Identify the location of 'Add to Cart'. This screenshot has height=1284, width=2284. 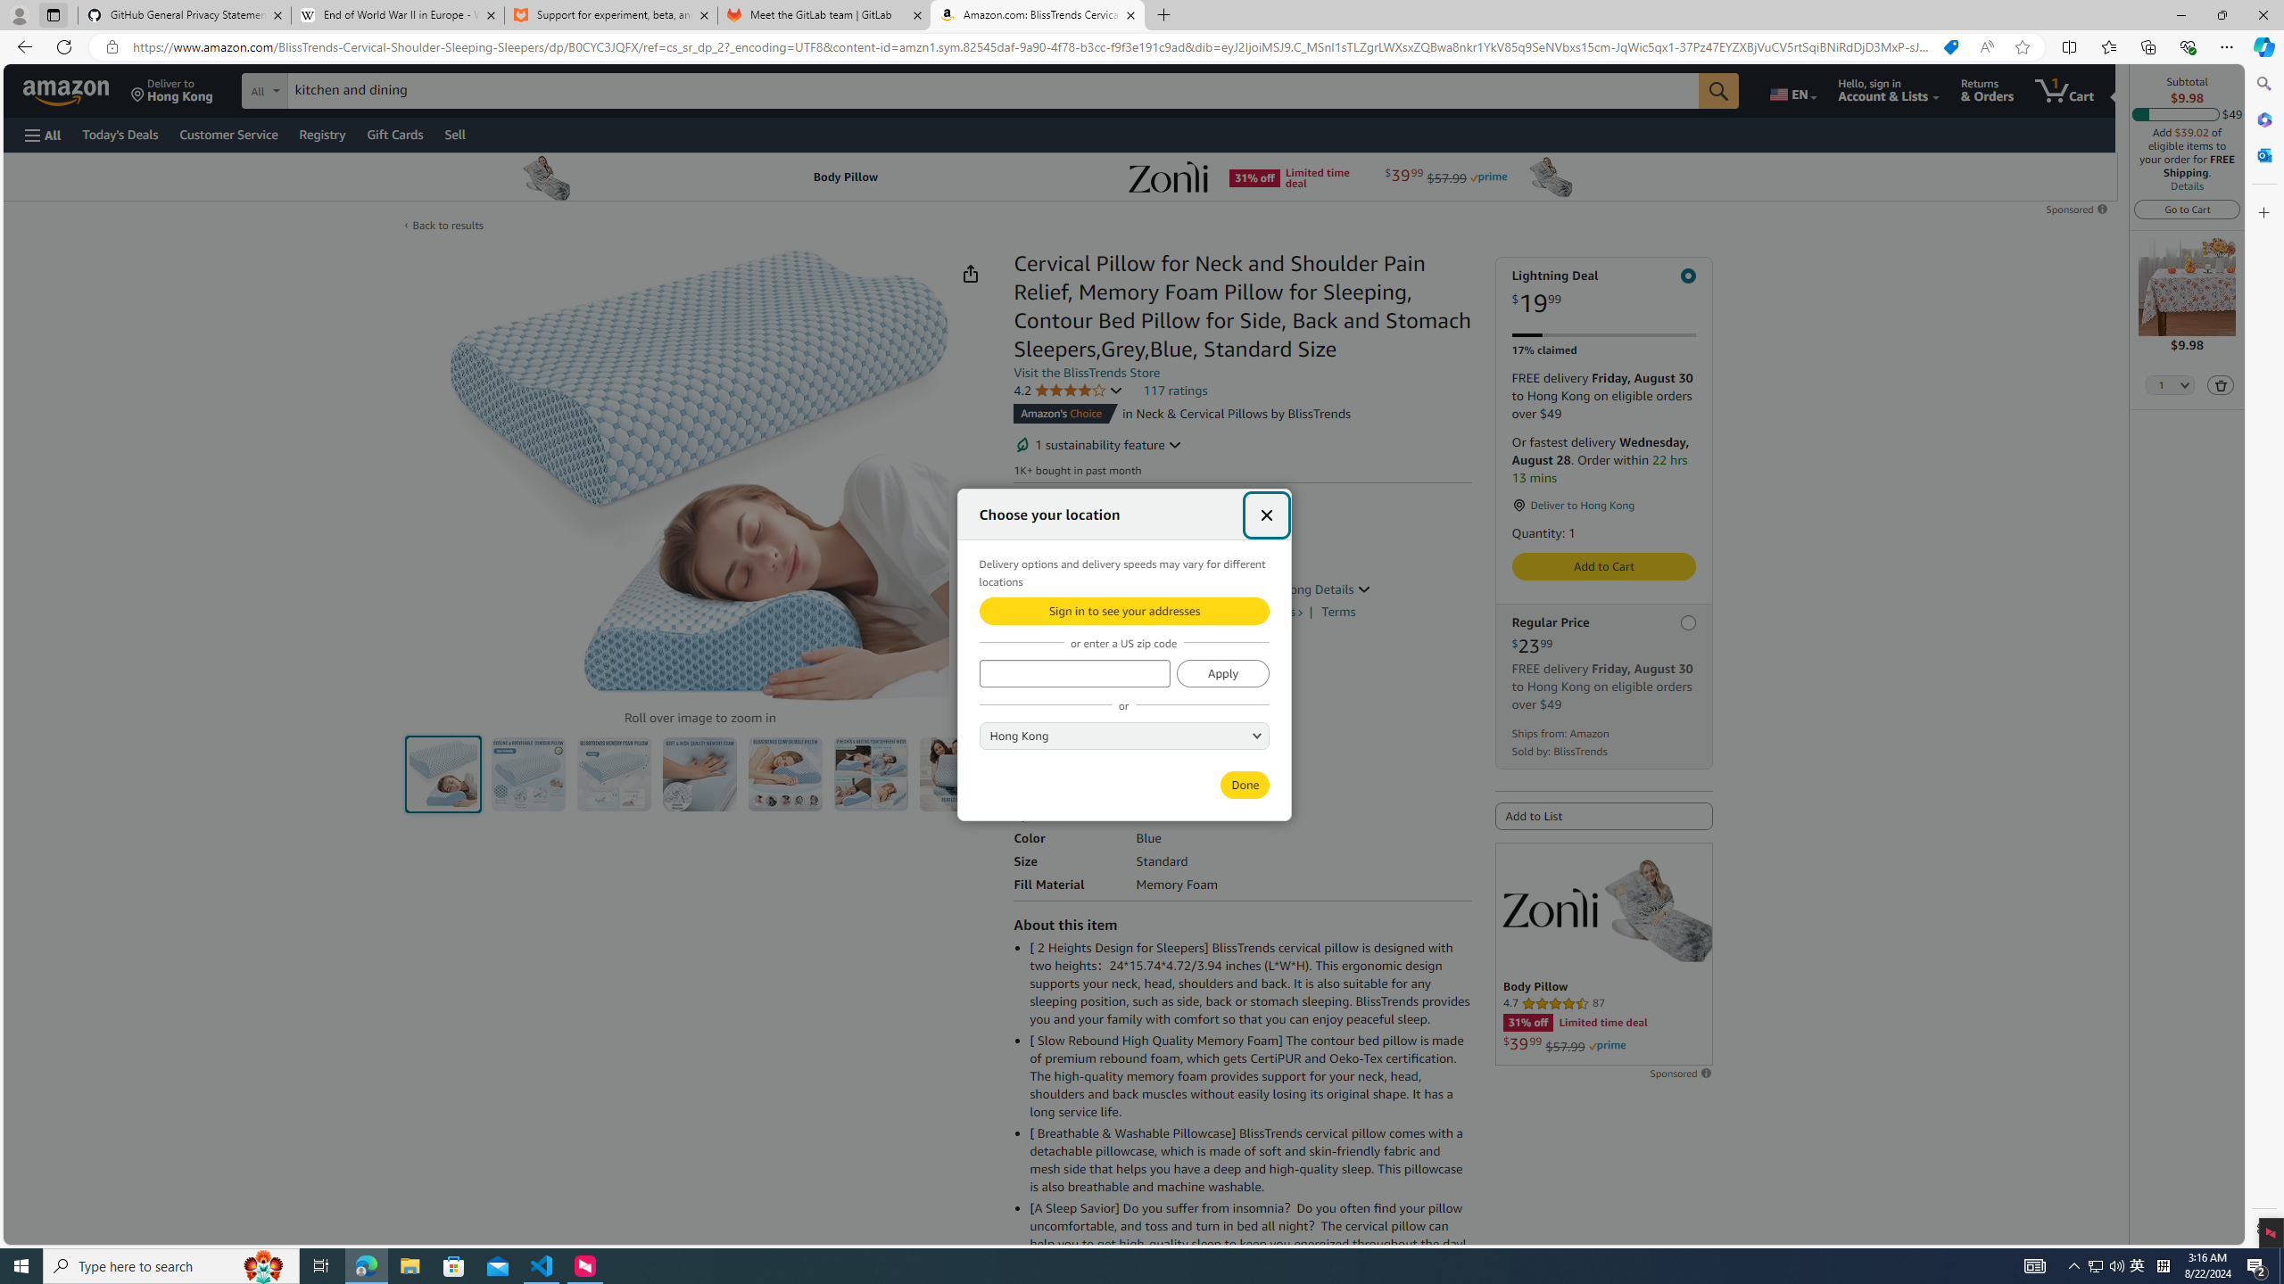
(1603, 566).